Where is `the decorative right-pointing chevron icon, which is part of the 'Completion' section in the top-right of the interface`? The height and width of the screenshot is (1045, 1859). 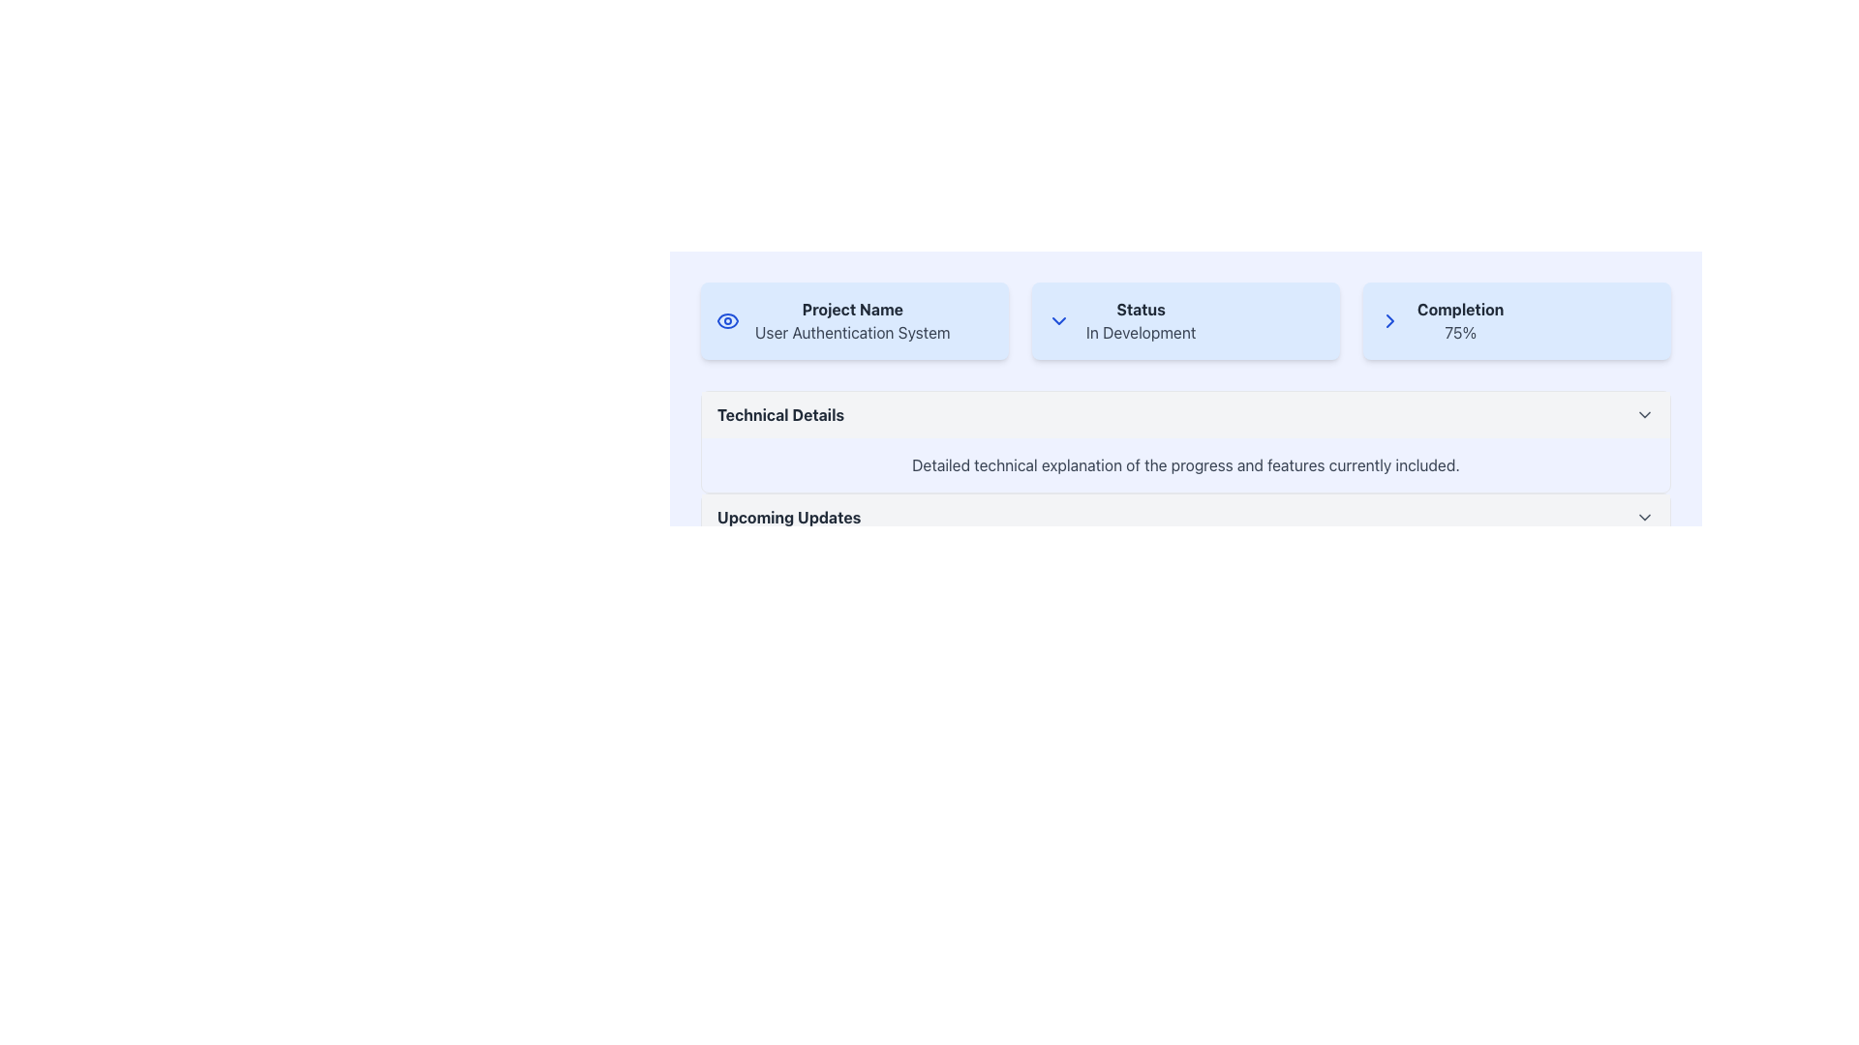 the decorative right-pointing chevron icon, which is part of the 'Completion' section in the top-right of the interface is located at coordinates (1388, 319).